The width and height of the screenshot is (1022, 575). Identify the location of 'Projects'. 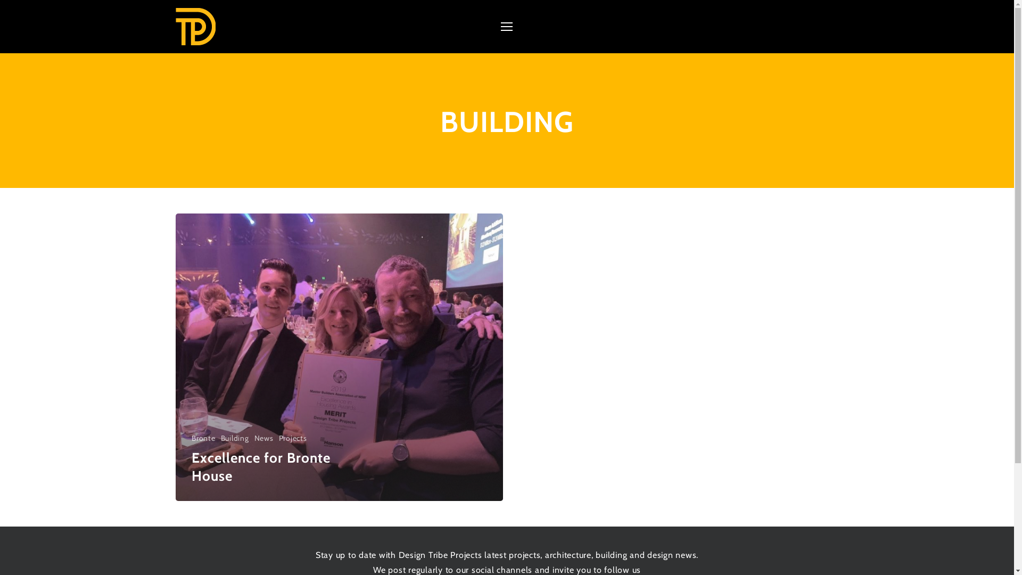
(293, 438).